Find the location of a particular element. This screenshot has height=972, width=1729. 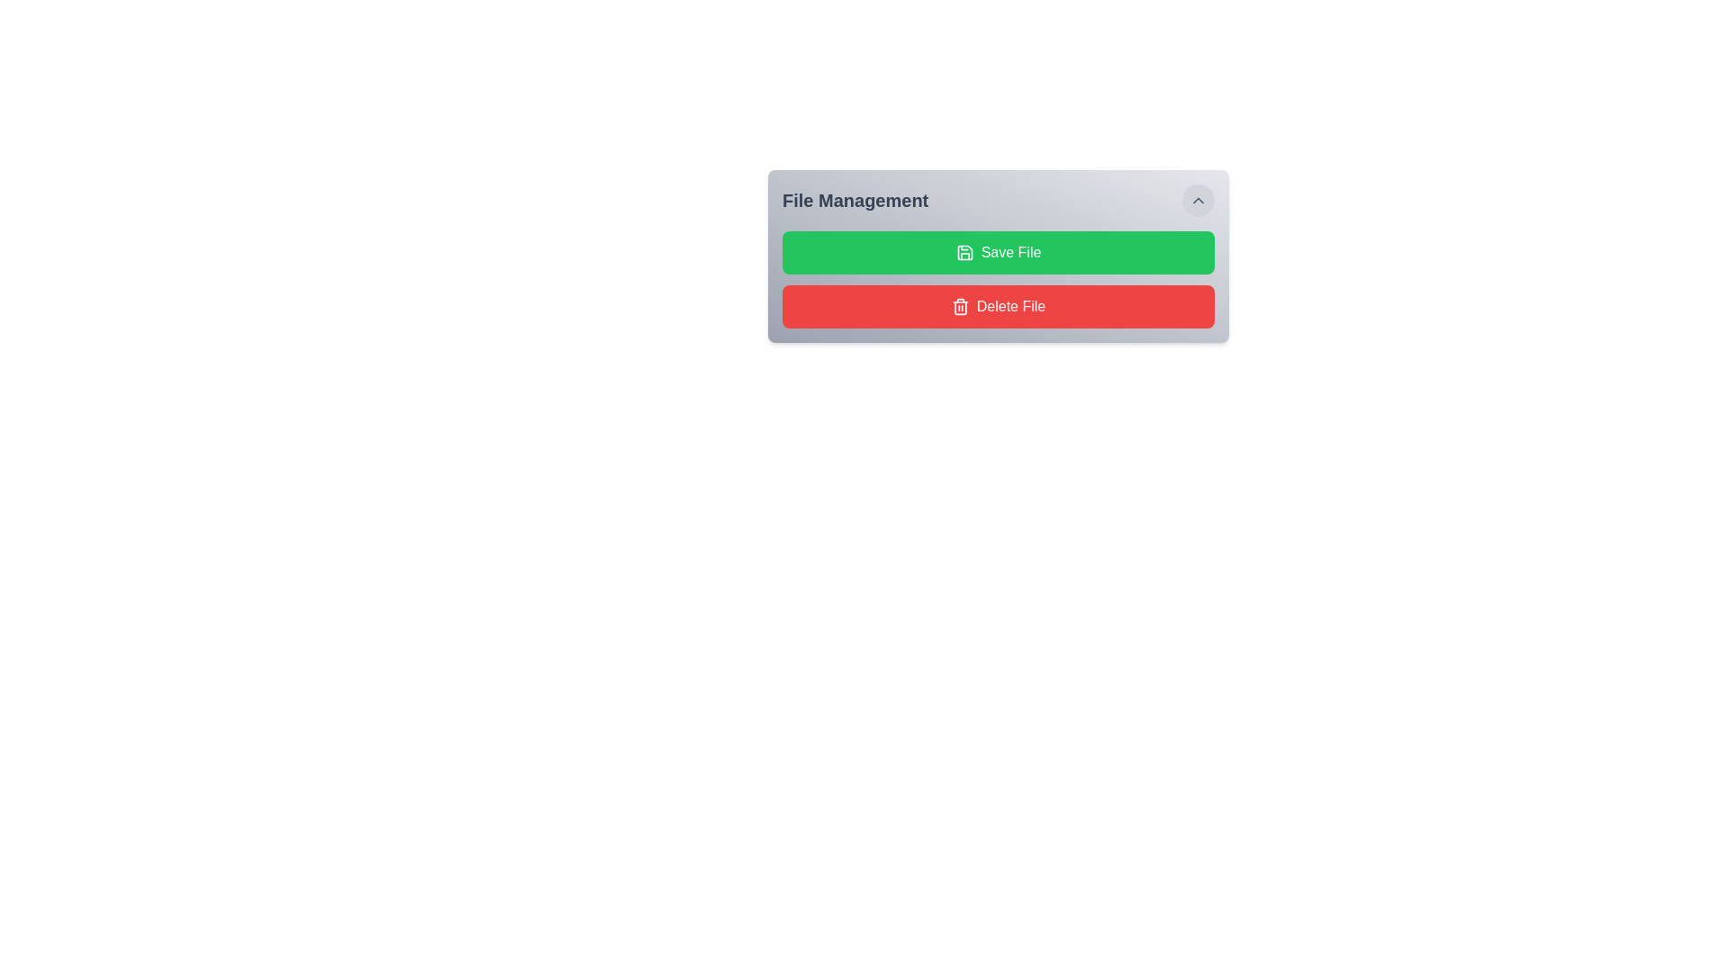

the file deletion button located below the 'Save File' button in the 'File Management' section to observe the hover effect is located at coordinates (997, 305).